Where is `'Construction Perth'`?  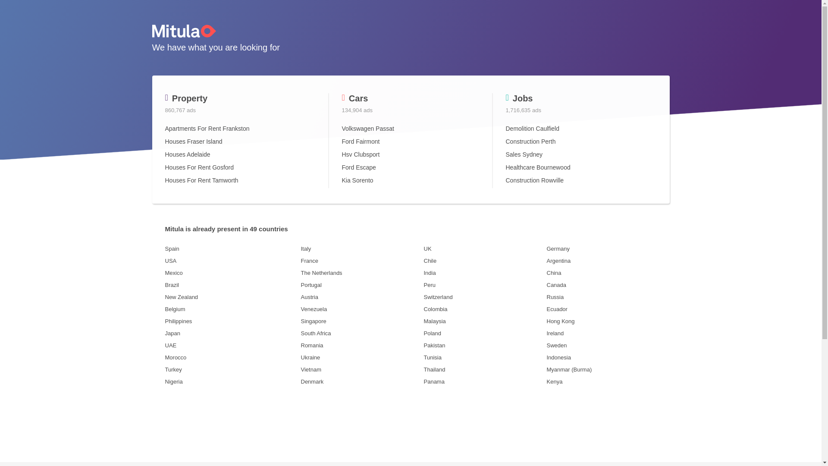
'Construction Perth' is located at coordinates (530, 141).